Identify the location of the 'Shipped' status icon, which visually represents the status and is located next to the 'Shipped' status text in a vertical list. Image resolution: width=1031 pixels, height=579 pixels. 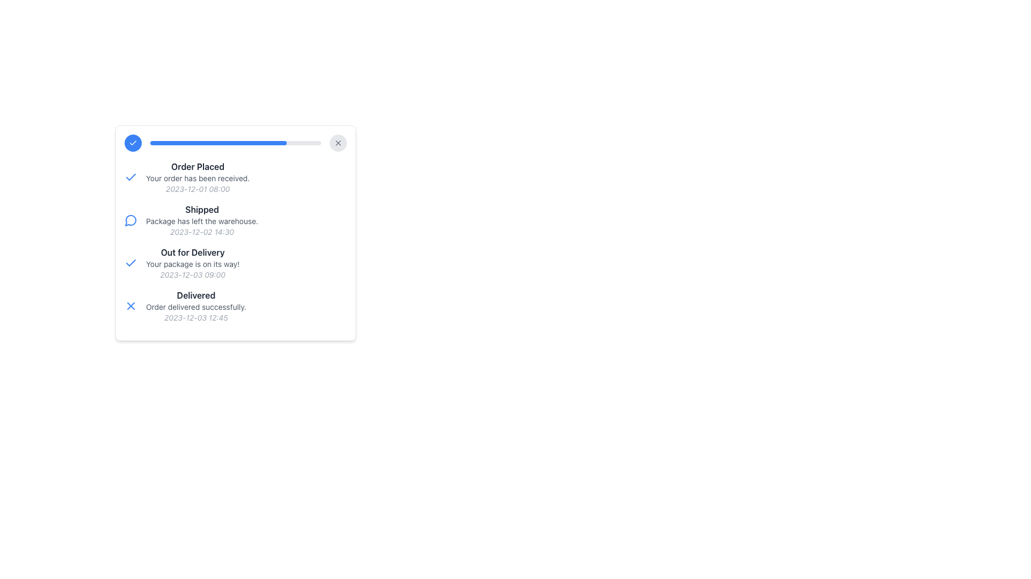
(130, 220).